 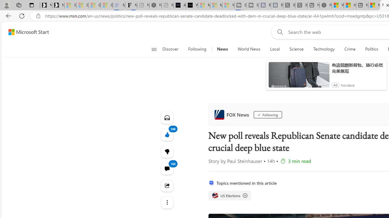 I want to click on 'Skip to content', so click(x=26, y=32).